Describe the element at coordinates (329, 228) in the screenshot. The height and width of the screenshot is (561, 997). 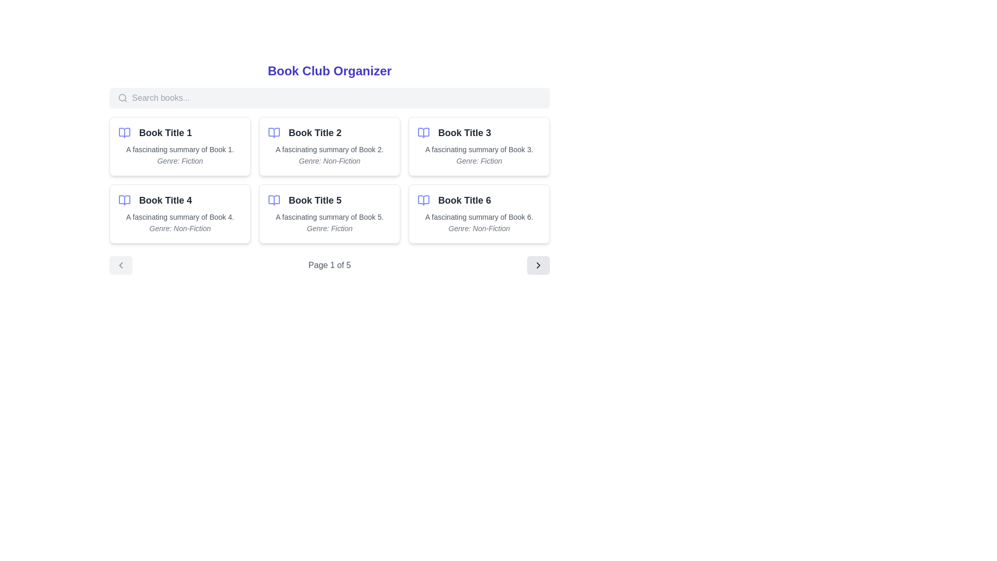
I see `the text label indicating the genre of the book, which is 'Fiction', located below the book summary of 'Book Title 5'` at that location.